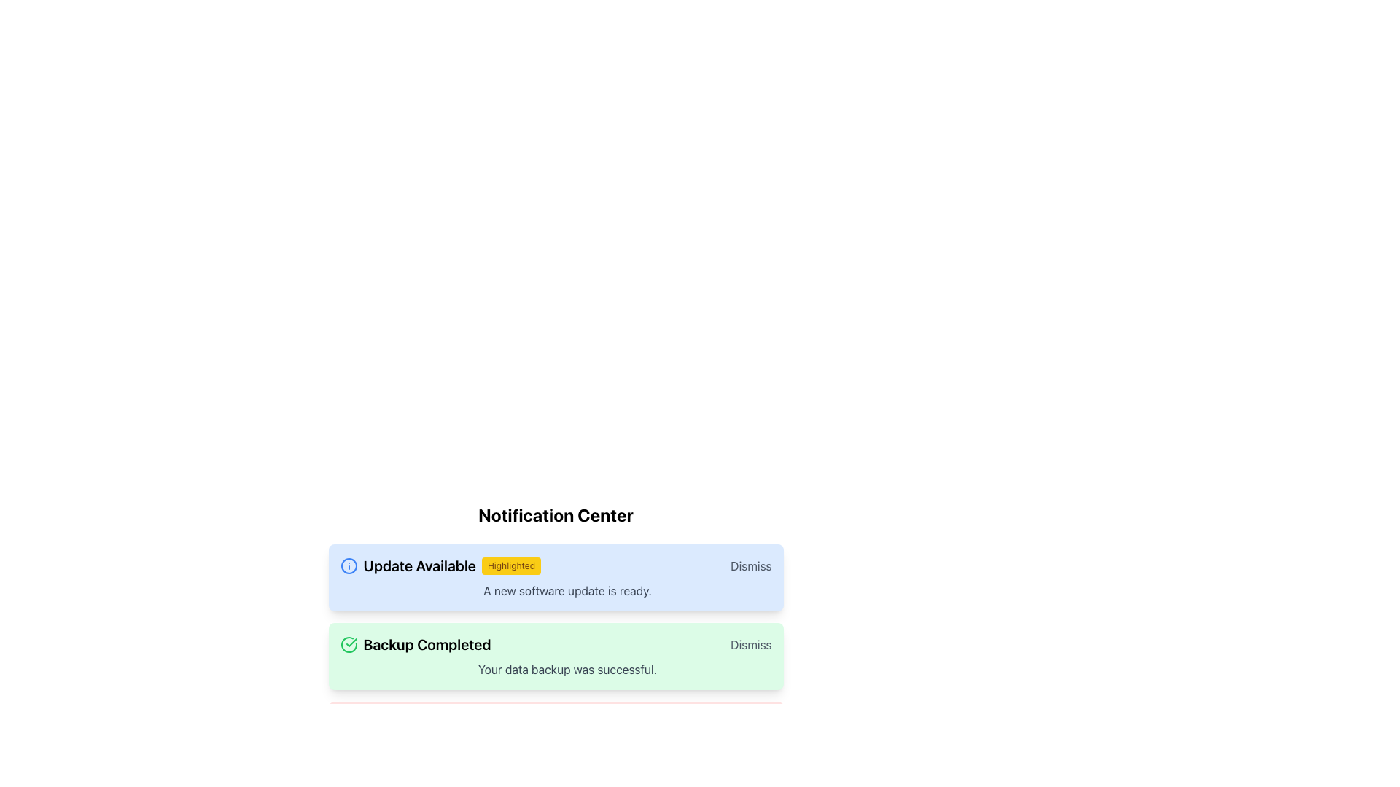 The width and height of the screenshot is (1400, 787). Describe the element at coordinates (555, 514) in the screenshot. I see `the 'Notification Center' text label, which is styled boldly and positioned at the top of the notifications list` at that location.